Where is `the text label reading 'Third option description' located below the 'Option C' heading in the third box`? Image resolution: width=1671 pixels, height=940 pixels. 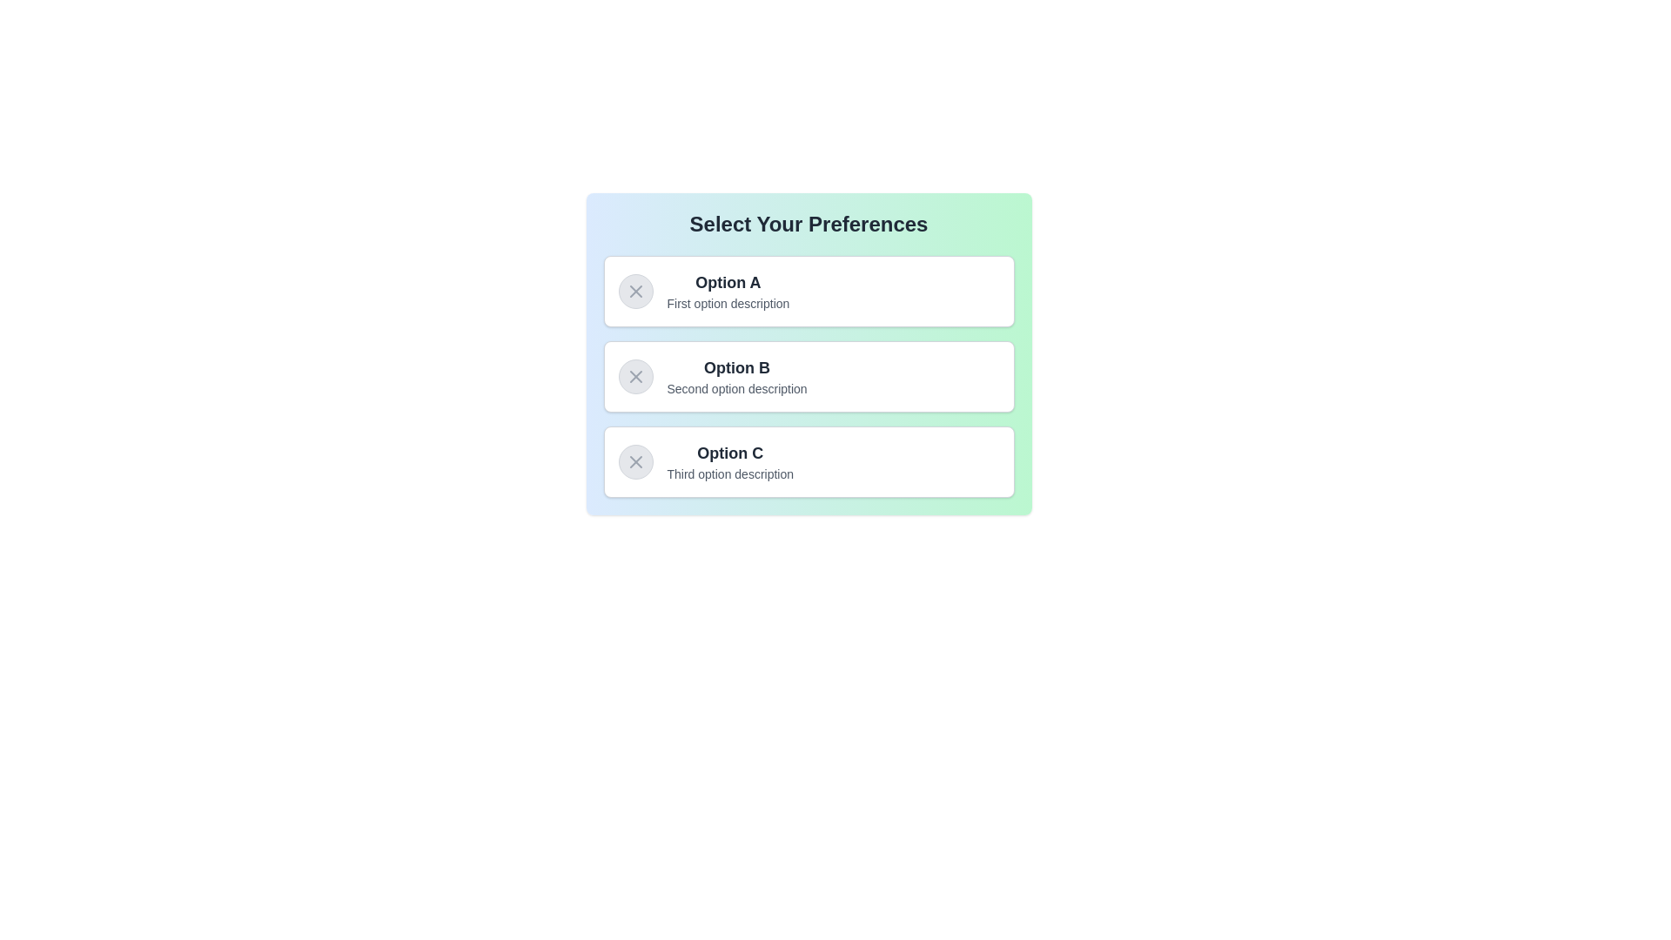
the text label reading 'Third option description' located below the 'Option C' heading in the third box is located at coordinates (730, 473).